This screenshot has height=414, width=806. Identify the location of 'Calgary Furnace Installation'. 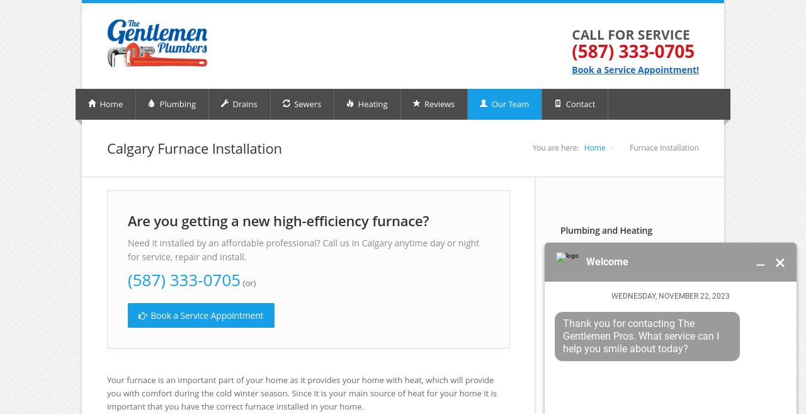
(193, 148).